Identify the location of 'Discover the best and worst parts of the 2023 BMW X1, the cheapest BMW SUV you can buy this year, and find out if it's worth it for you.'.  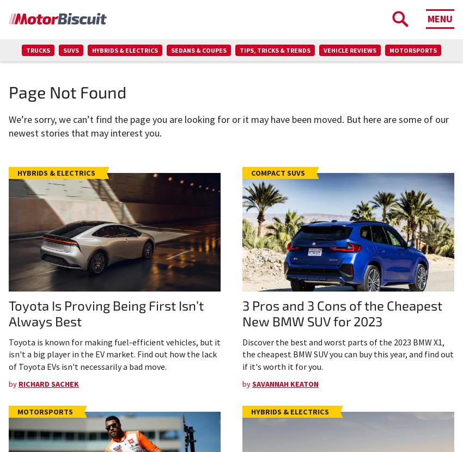
(348, 354).